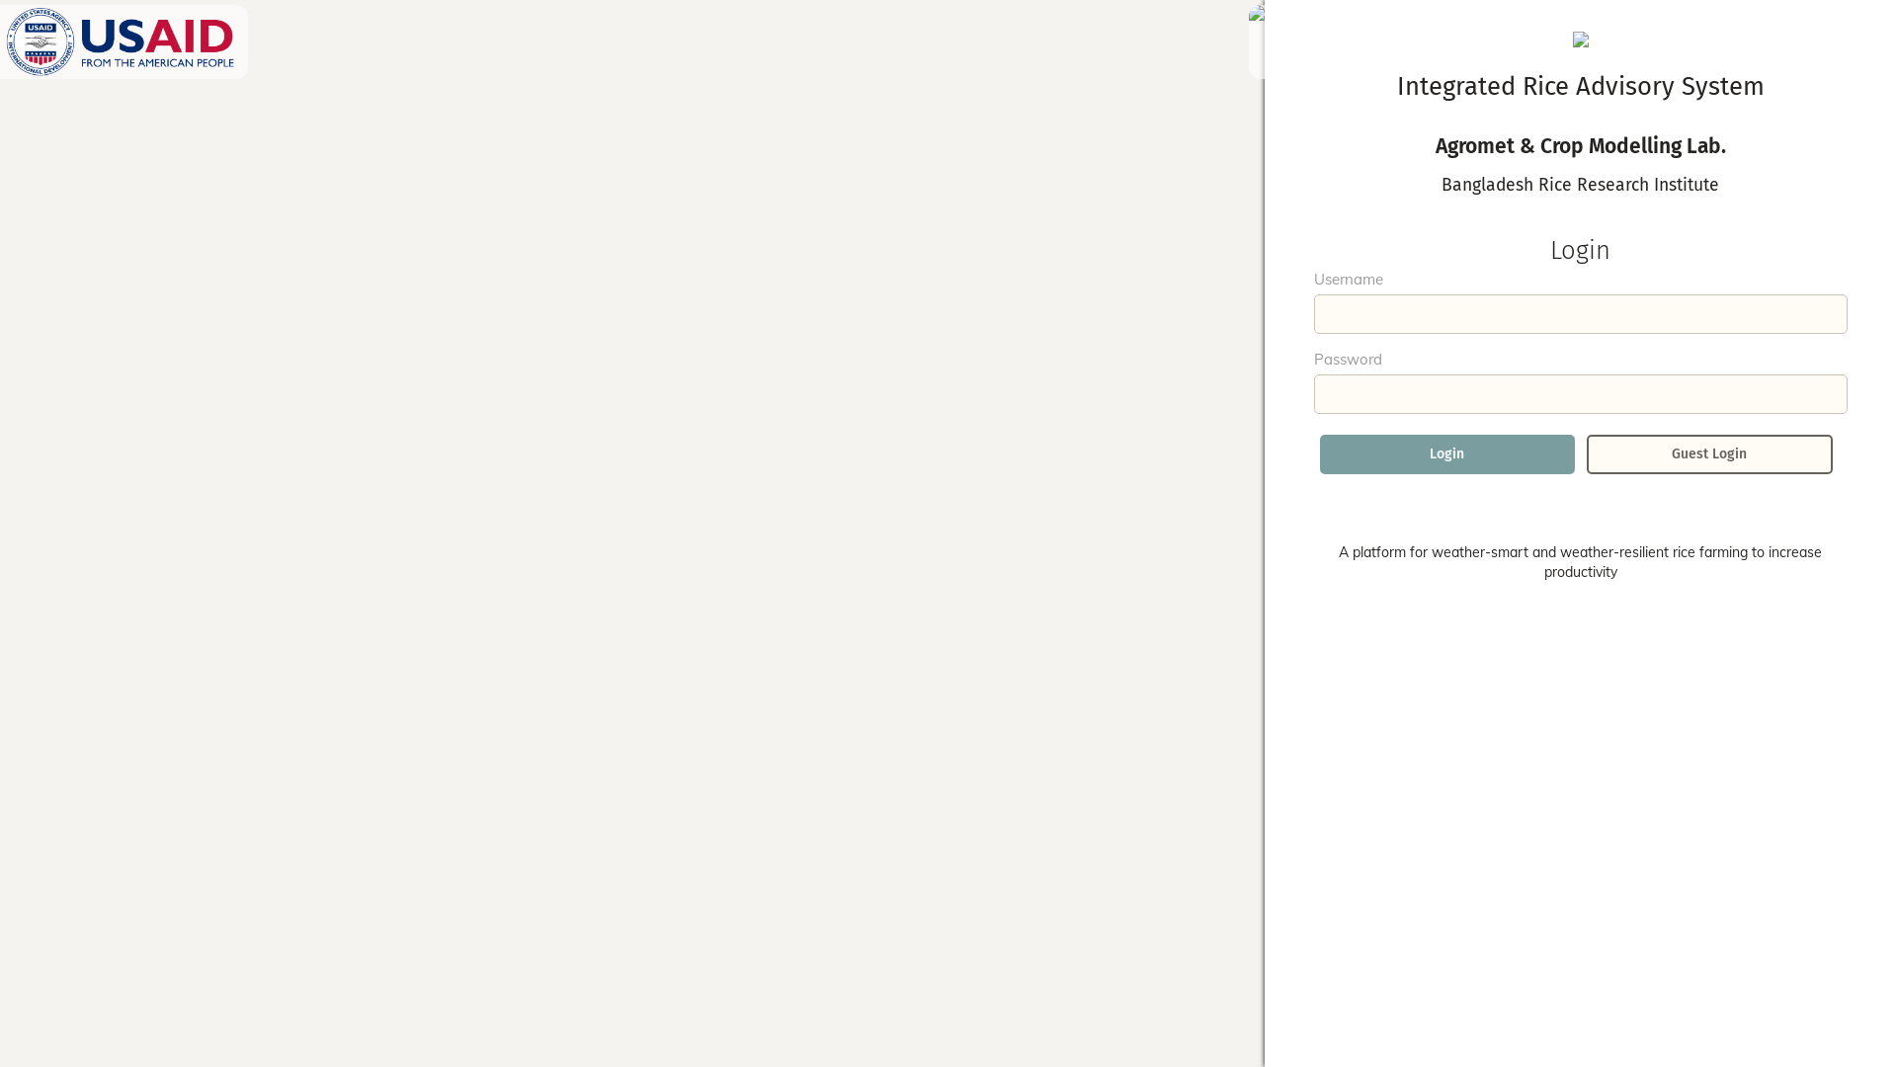  I want to click on 'Guest Login', so click(1708, 453).